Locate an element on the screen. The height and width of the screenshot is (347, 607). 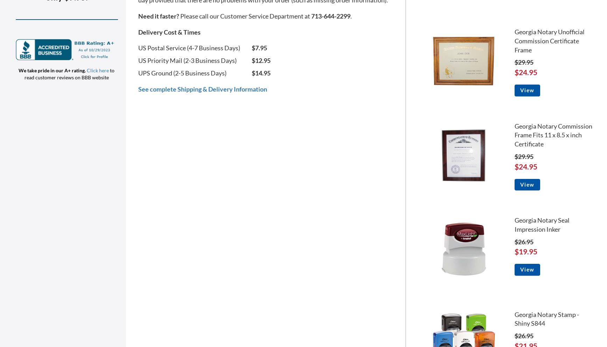
'$7.95' is located at coordinates (259, 48).